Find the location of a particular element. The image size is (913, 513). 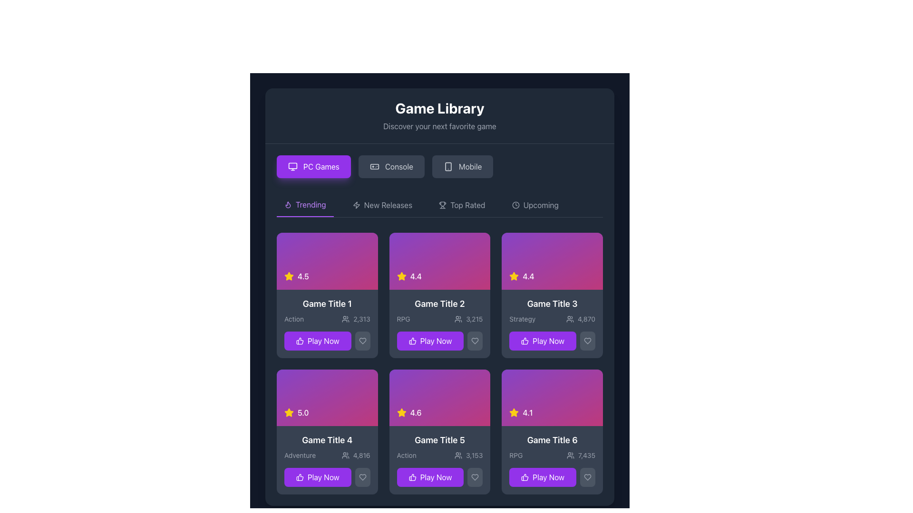

the trophy icon representing the Top Rated category, which is located in the navigation section right after the Trending and New Releases labels is located at coordinates (442, 205).